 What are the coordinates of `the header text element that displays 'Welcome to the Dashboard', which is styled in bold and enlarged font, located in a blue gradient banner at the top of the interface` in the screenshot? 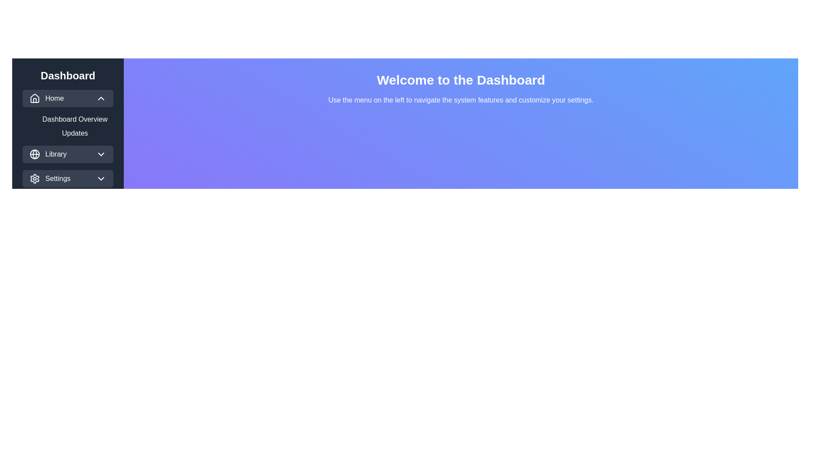 It's located at (460, 80).